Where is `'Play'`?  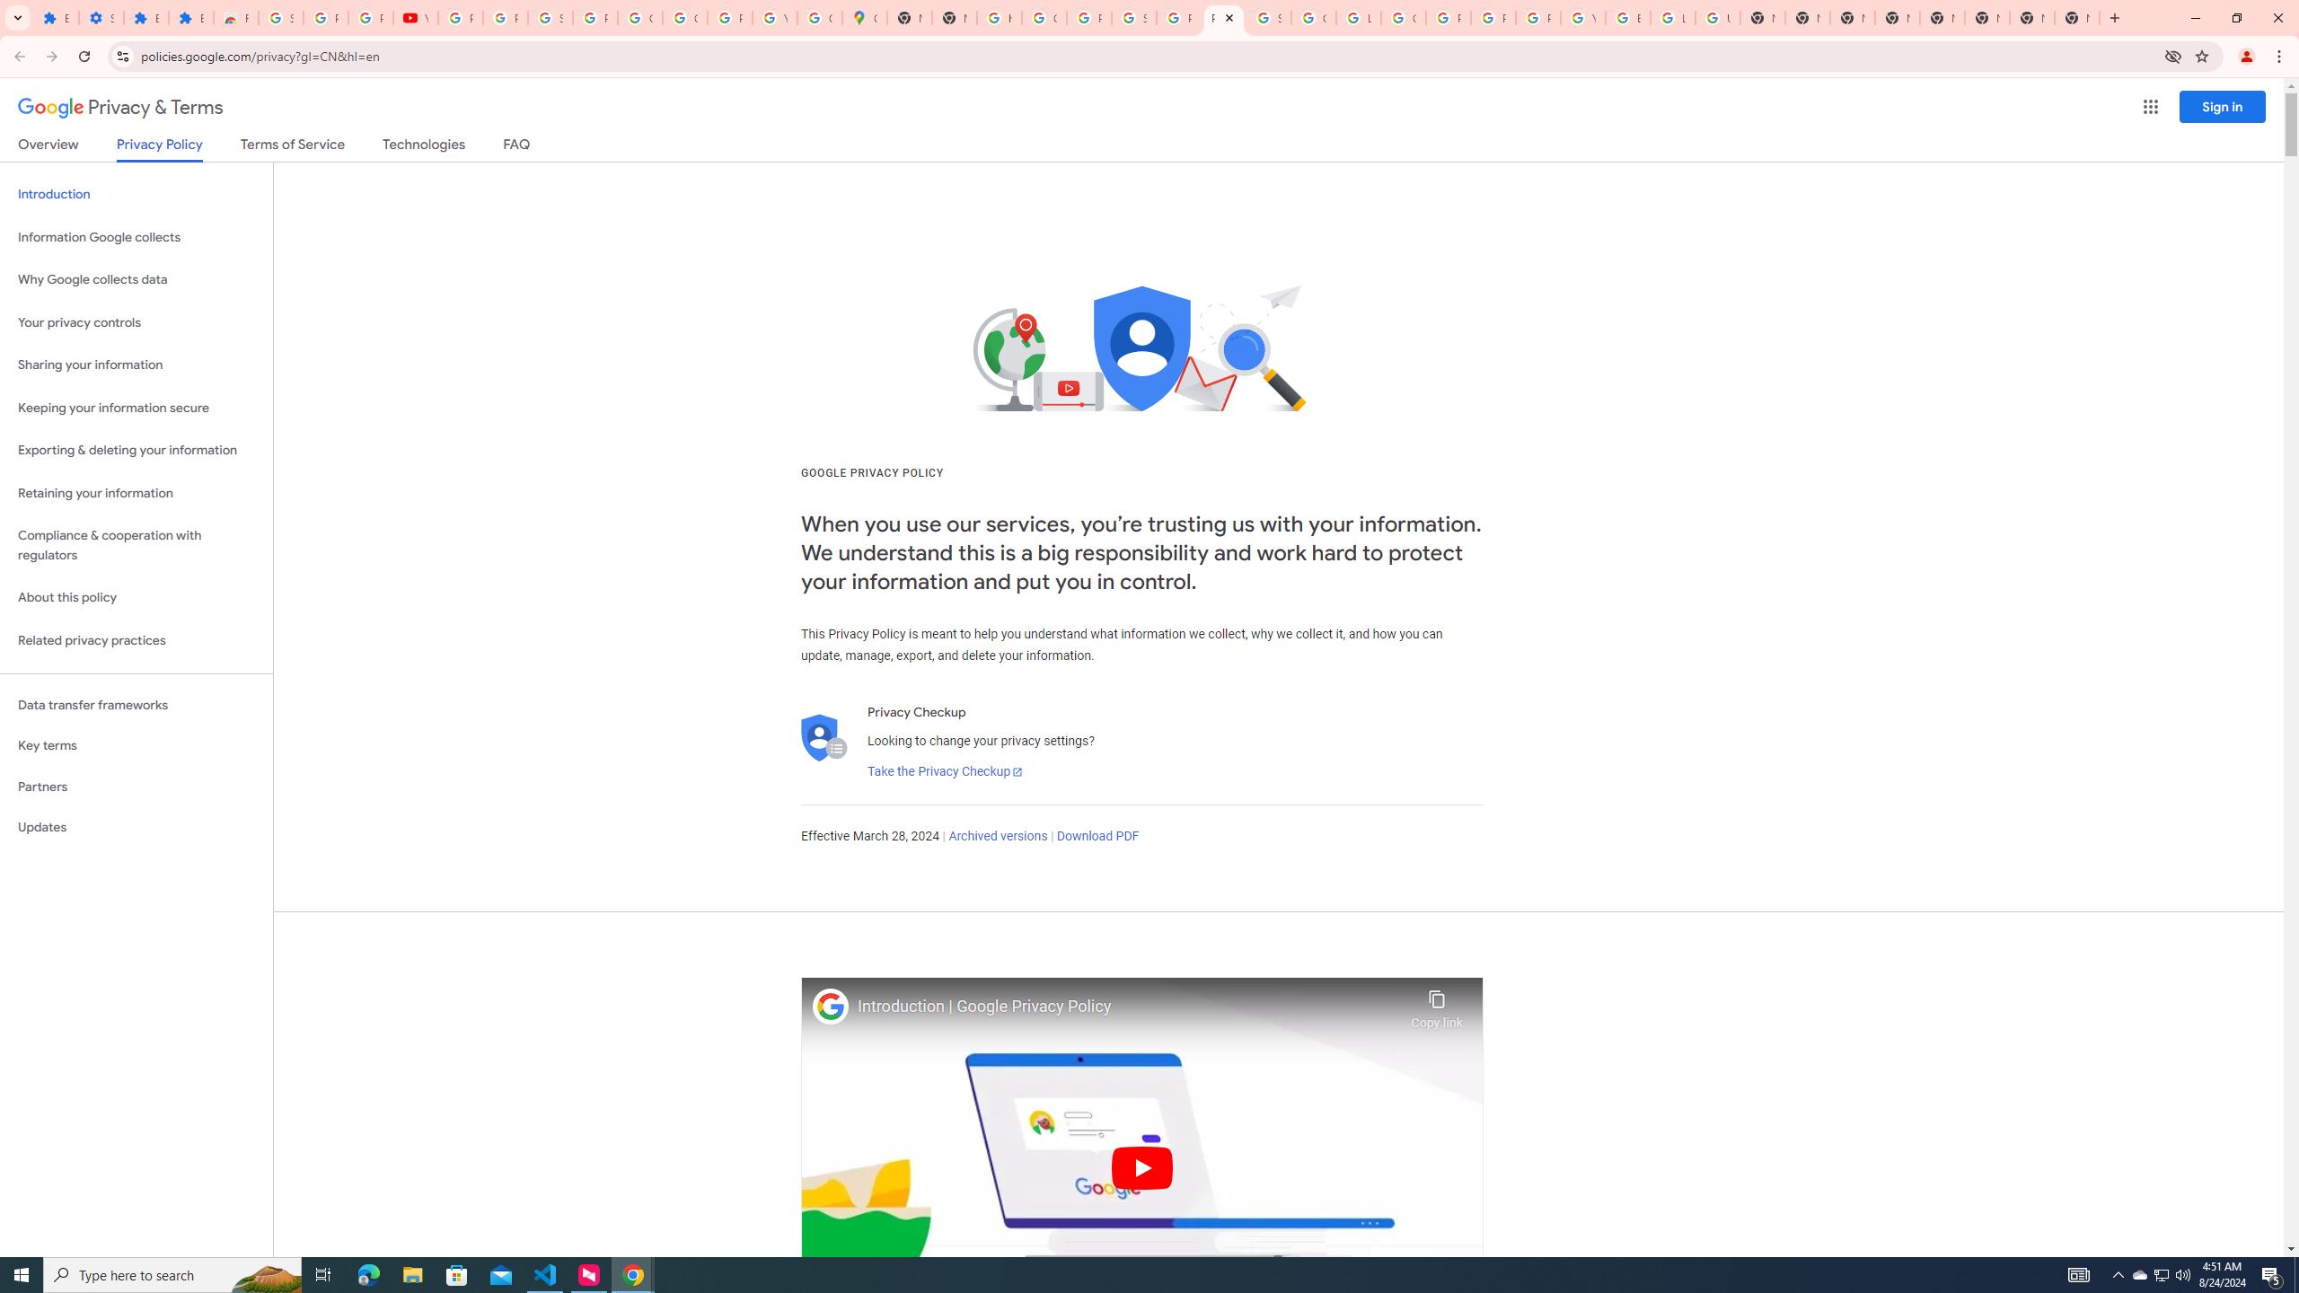
'Play' is located at coordinates (1141, 1166).